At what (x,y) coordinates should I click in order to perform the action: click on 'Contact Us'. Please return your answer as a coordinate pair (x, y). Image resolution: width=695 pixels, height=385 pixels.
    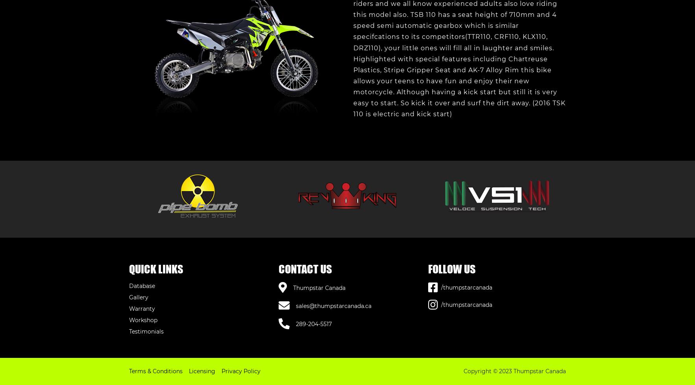
    Looking at the image, I should click on (305, 269).